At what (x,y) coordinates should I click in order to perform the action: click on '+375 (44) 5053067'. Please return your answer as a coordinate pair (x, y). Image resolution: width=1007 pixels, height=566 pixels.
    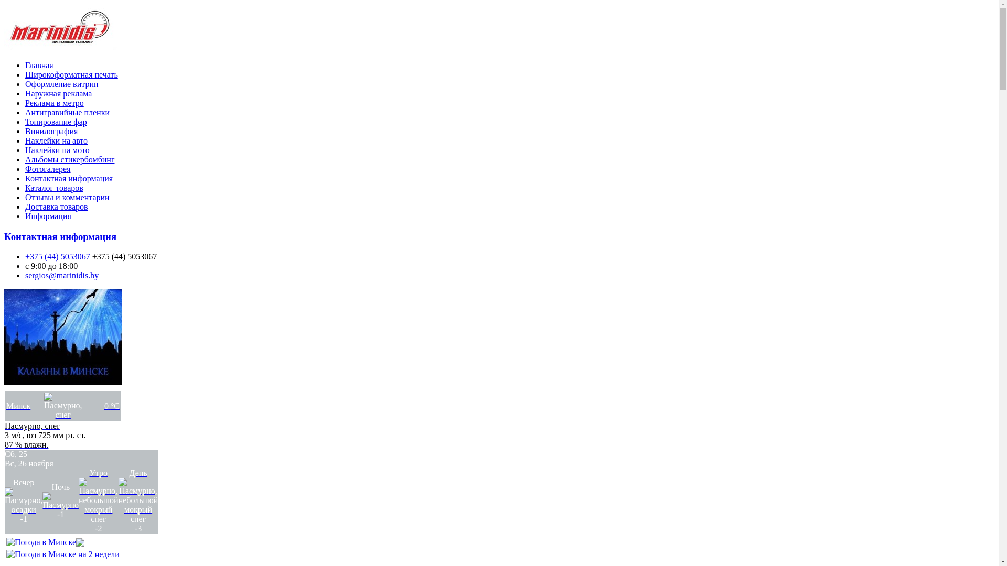
    Looking at the image, I should click on (57, 256).